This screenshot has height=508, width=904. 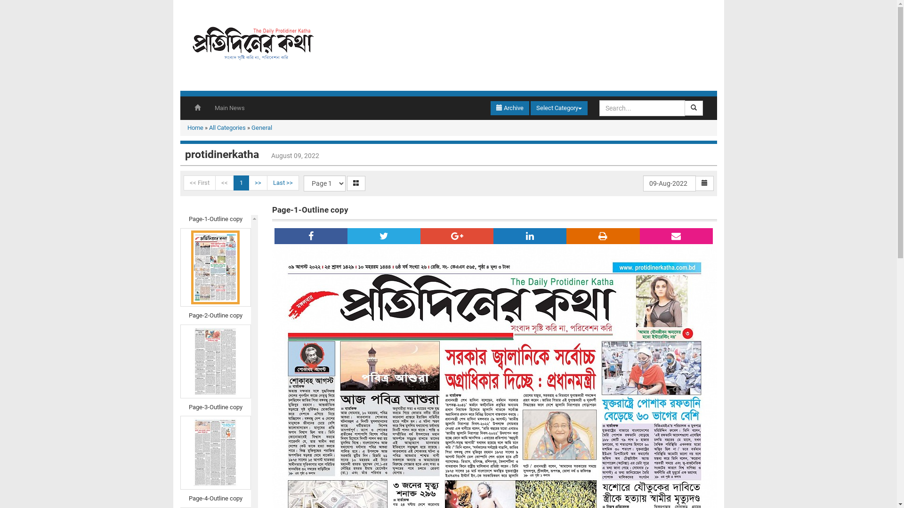 What do you see at coordinates (262, 127) in the screenshot?
I see `'General'` at bounding box center [262, 127].